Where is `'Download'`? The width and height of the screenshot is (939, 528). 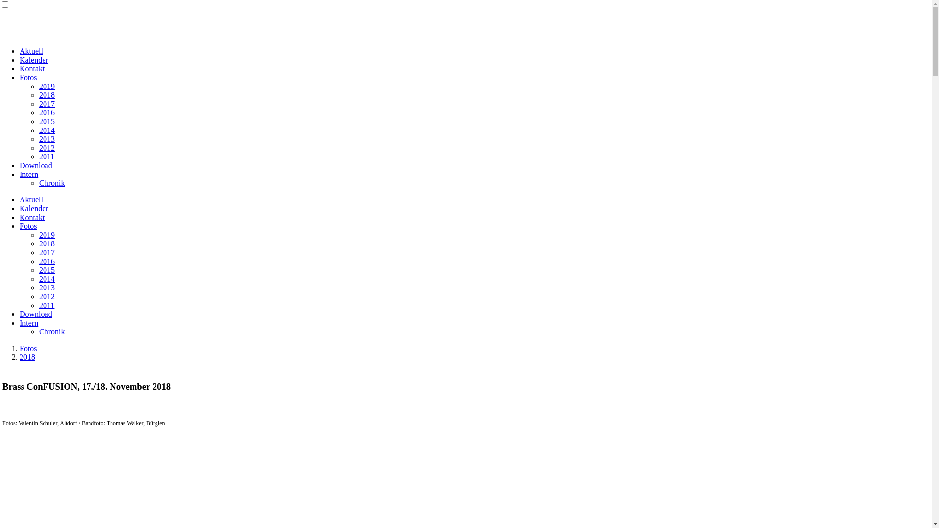
'Download' is located at coordinates (36, 165).